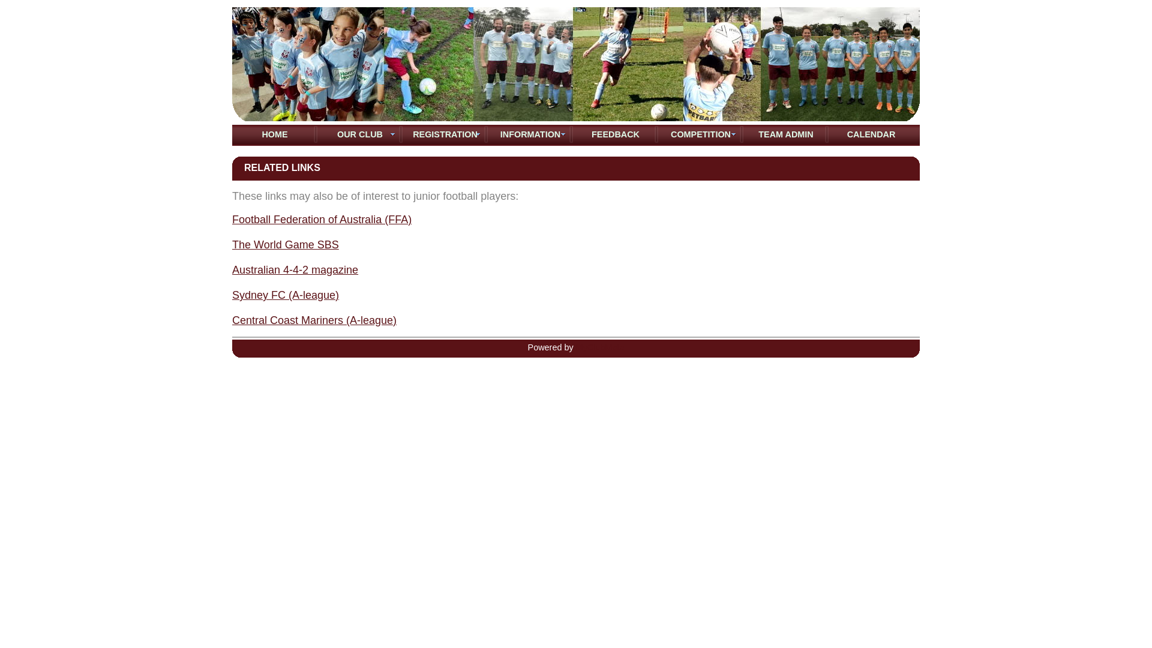  What do you see at coordinates (295, 270) in the screenshot?
I see `'Australian 4-4-2 magazine'` at bounding box center [295, 270].